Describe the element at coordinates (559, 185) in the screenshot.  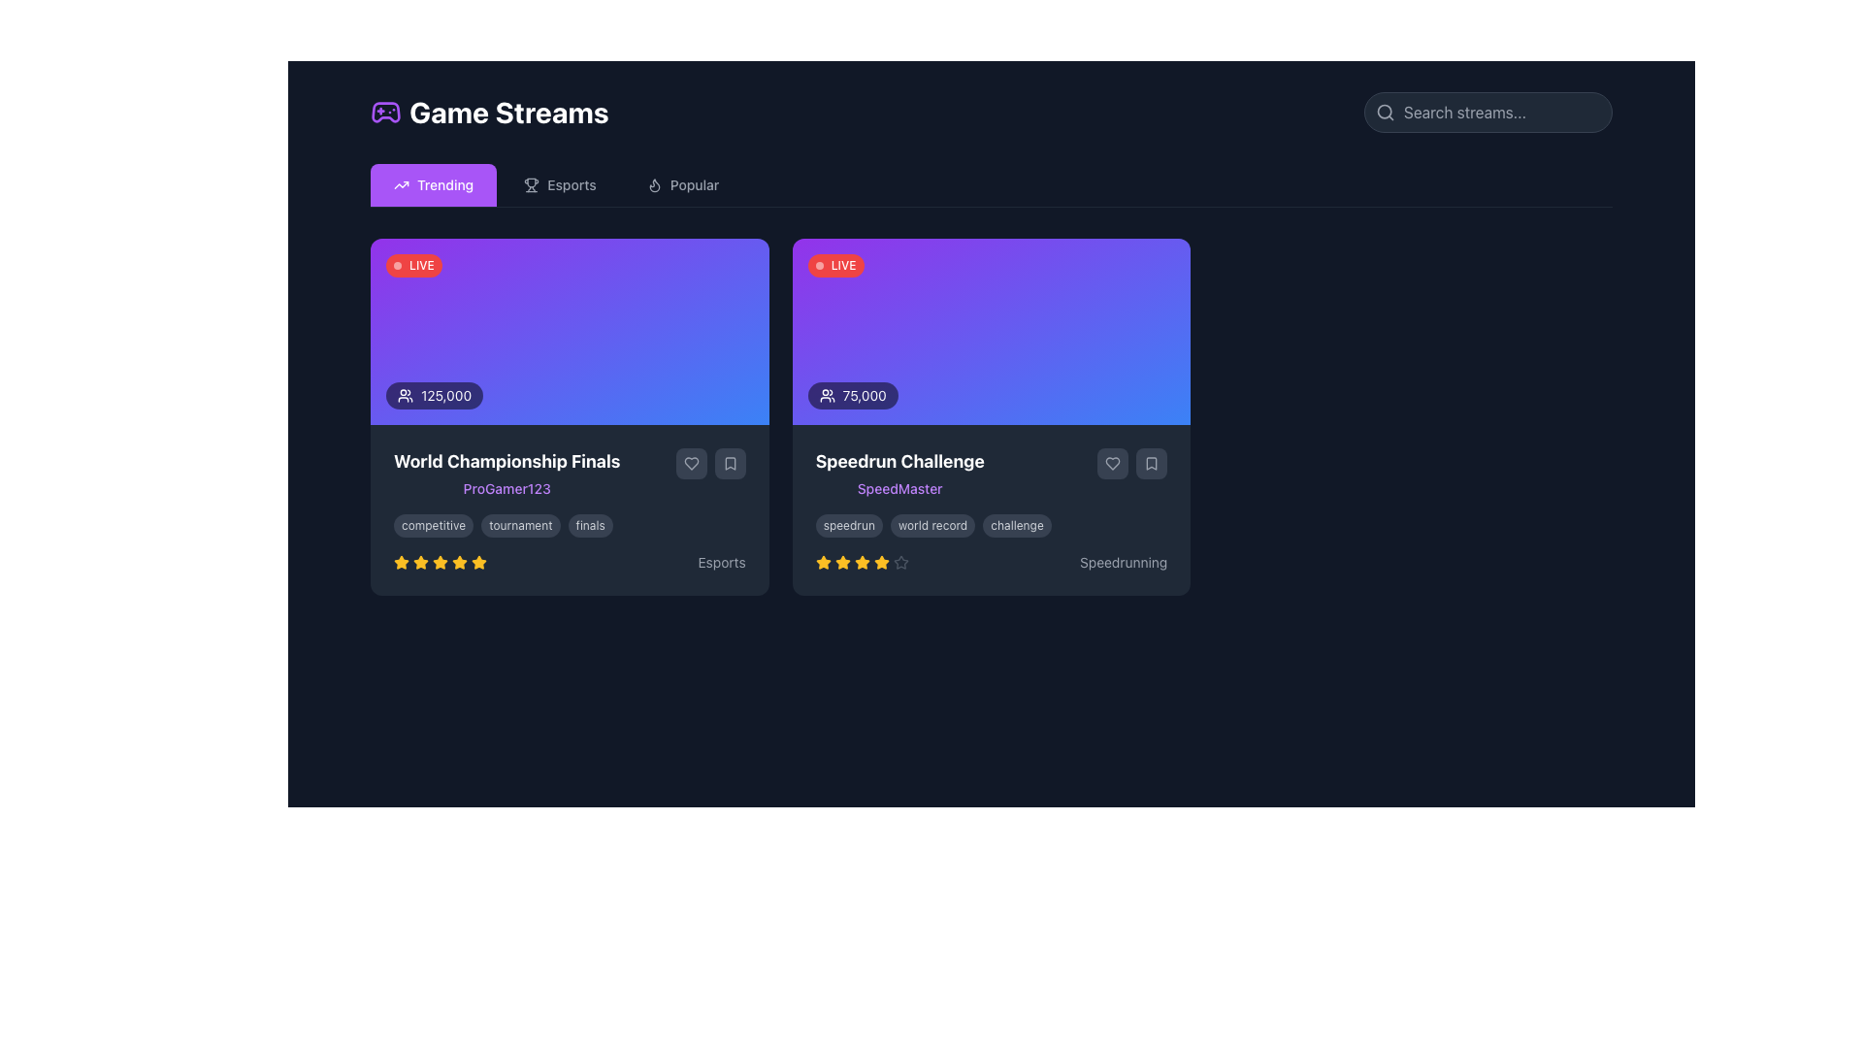
I see `the 'Esports' tab in the navigation bar to change its style` at that location.